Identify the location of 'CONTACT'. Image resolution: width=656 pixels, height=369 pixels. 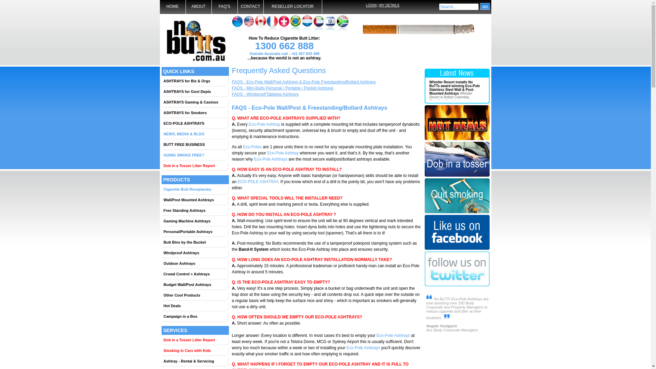
(250, 7).